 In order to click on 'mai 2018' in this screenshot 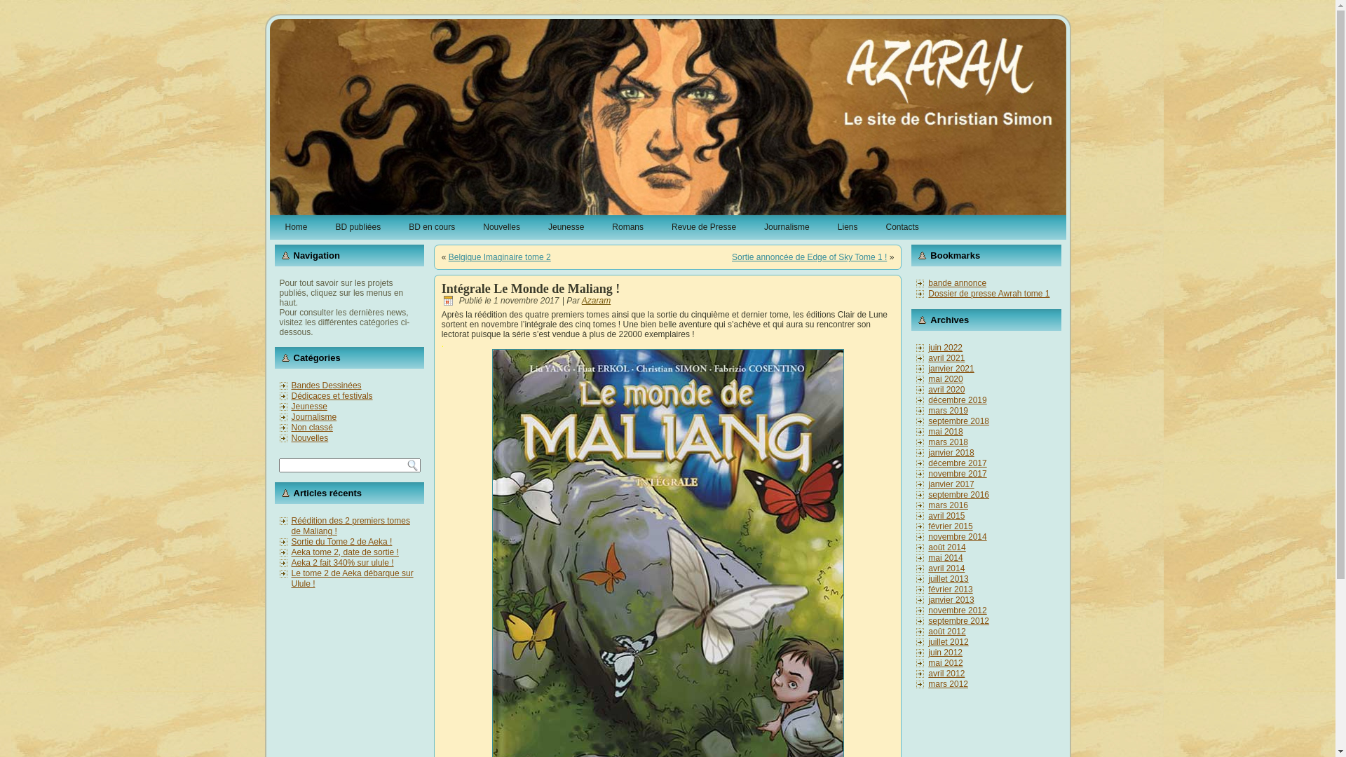, I will do `click(945, 431)`.